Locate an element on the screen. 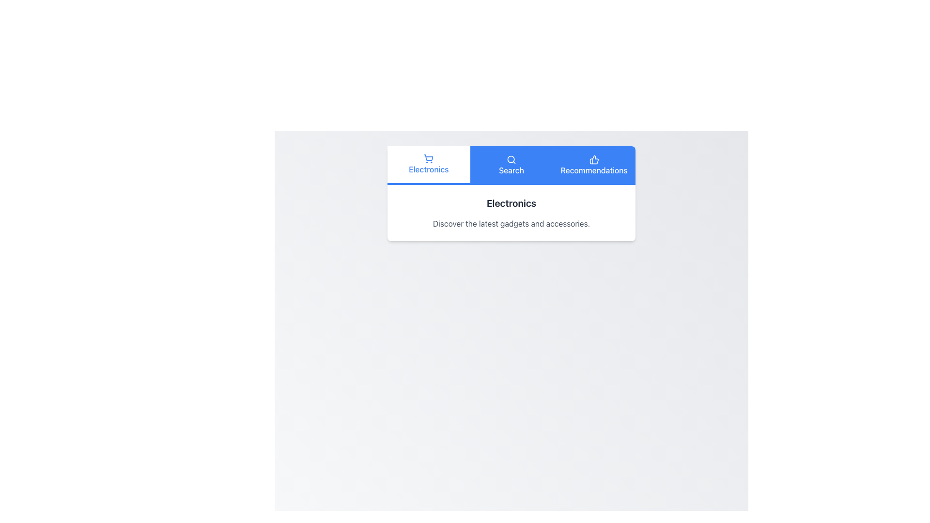  the 'Electronics' menu item, which features blue text with a medium font weight and a shopping cart icon above it, located in the top bar of the layout is located at coordinates (428, 164).